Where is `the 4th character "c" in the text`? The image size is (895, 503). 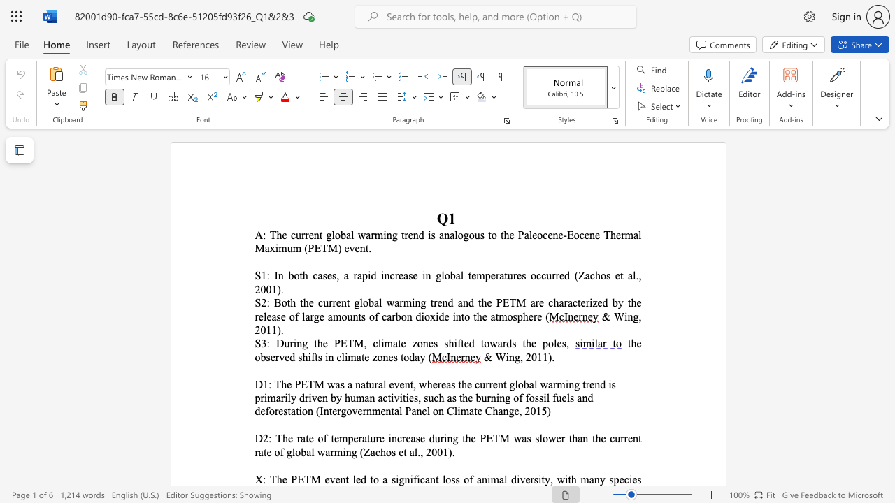 the 4th character "c" in the text is located at coordinates (543, 275).